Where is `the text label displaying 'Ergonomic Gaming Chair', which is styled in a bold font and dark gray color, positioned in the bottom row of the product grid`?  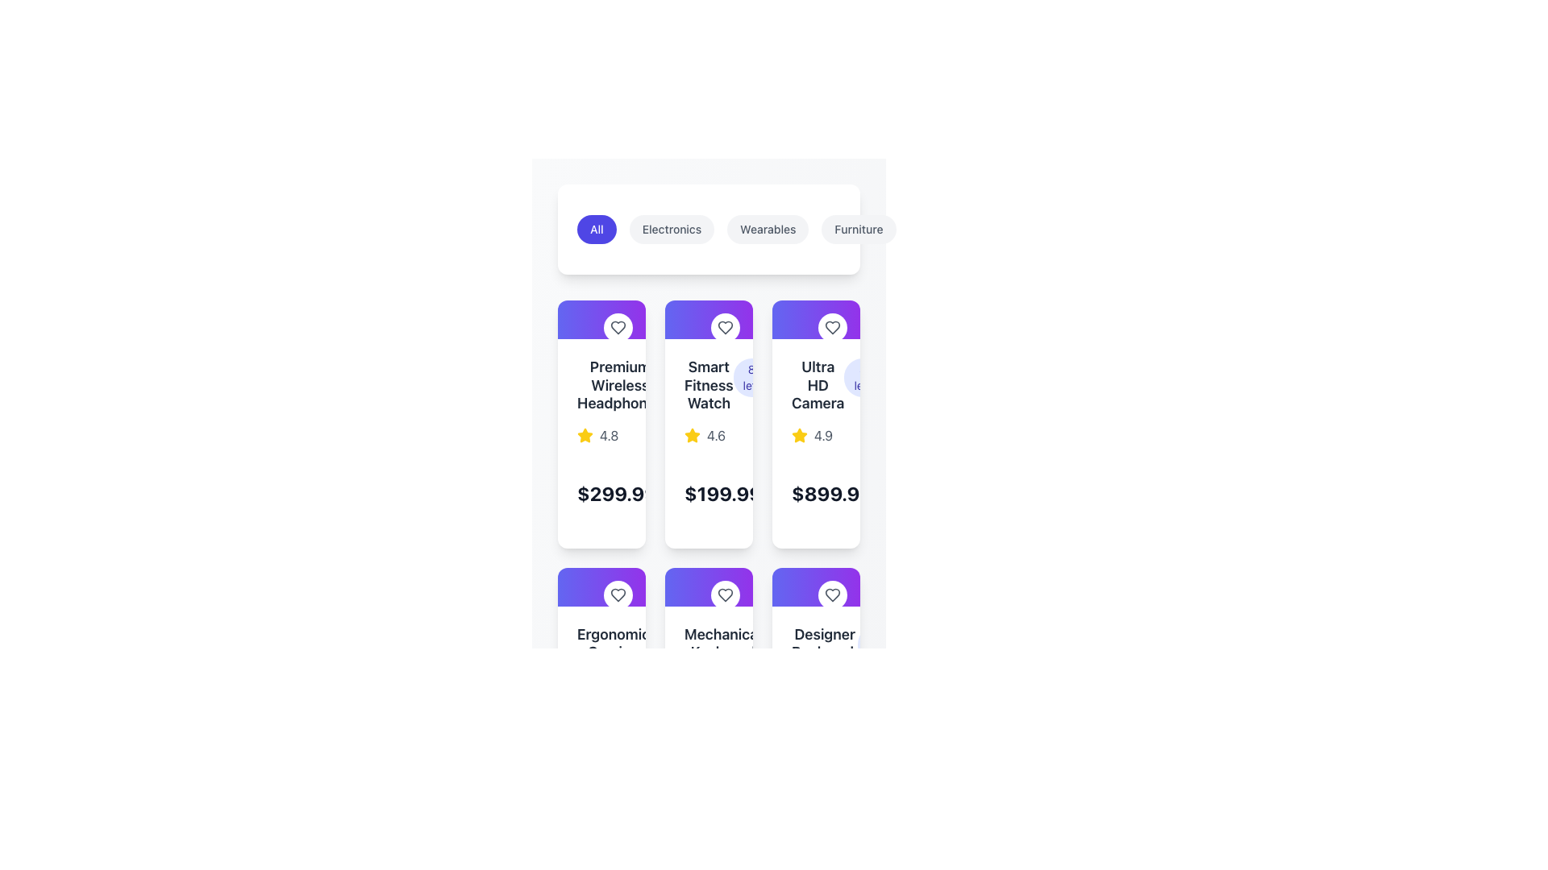 the text label displaying 'Ergonomic Gaming Chair', which is styled in a bold font and dark gray color, positioned in the bottom row of the product grid is located at coordinates (613, 652).